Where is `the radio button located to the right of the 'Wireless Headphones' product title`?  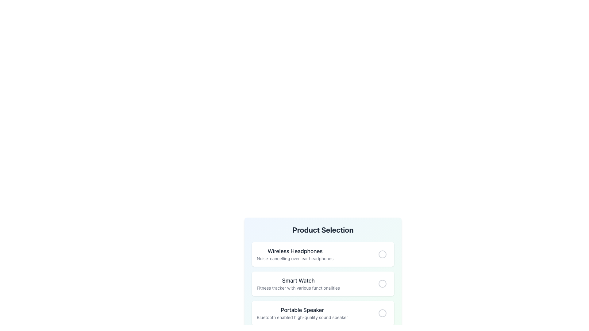 the radio button located to the right of the 'Wireless Headphones' product title is located at coordinates (382, 254).